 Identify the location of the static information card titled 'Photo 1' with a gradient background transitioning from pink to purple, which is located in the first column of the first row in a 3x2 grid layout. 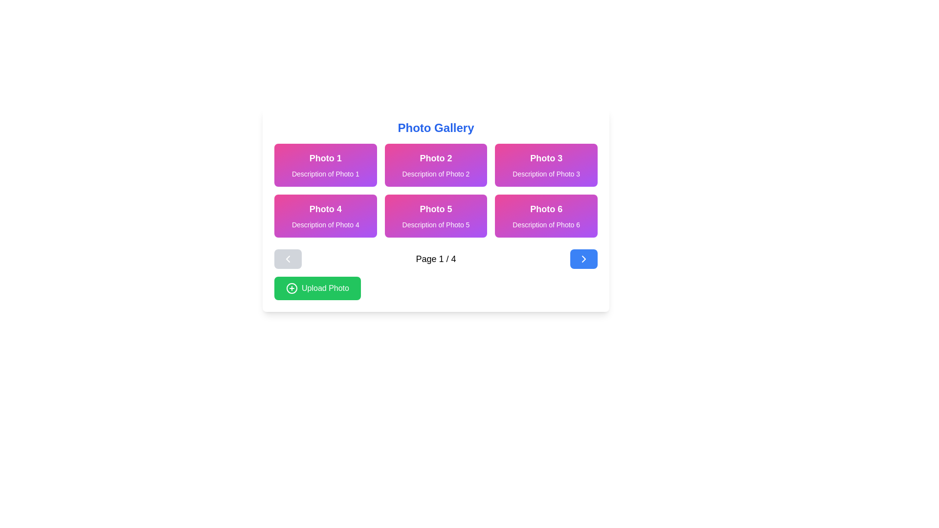
(325, 165).